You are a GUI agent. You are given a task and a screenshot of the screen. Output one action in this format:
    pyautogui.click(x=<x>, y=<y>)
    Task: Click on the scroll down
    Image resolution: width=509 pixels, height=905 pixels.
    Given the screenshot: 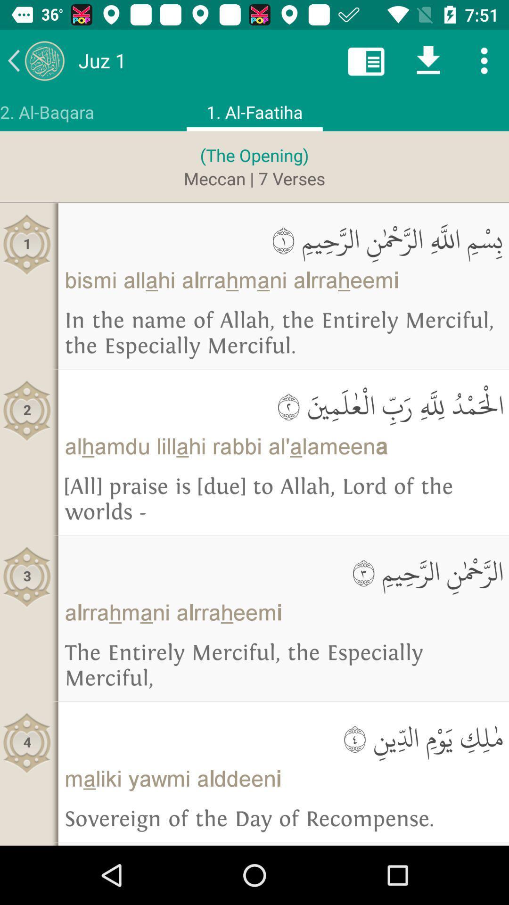 What is the action you would take?
    pyautogui.click(x=428, y=60)
    